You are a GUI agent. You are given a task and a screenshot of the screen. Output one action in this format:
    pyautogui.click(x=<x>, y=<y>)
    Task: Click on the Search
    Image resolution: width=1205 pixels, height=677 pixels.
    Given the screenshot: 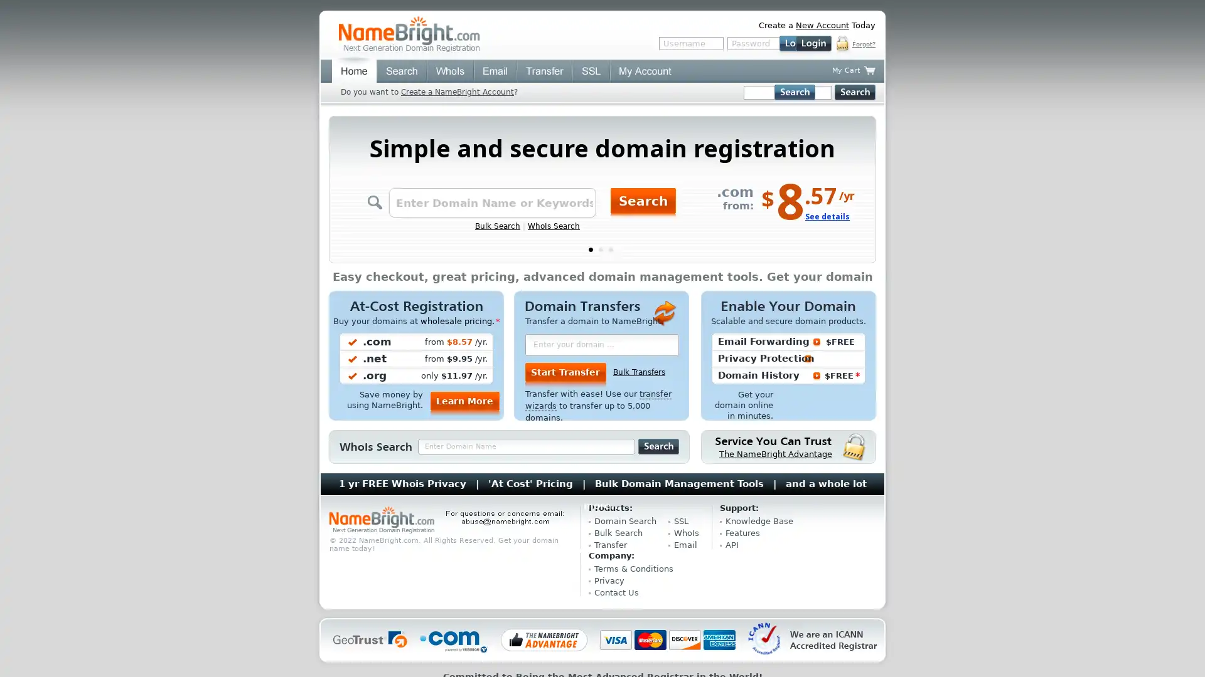 What is the action you would take?
    pyautogui.click(x=643, y=202)
    